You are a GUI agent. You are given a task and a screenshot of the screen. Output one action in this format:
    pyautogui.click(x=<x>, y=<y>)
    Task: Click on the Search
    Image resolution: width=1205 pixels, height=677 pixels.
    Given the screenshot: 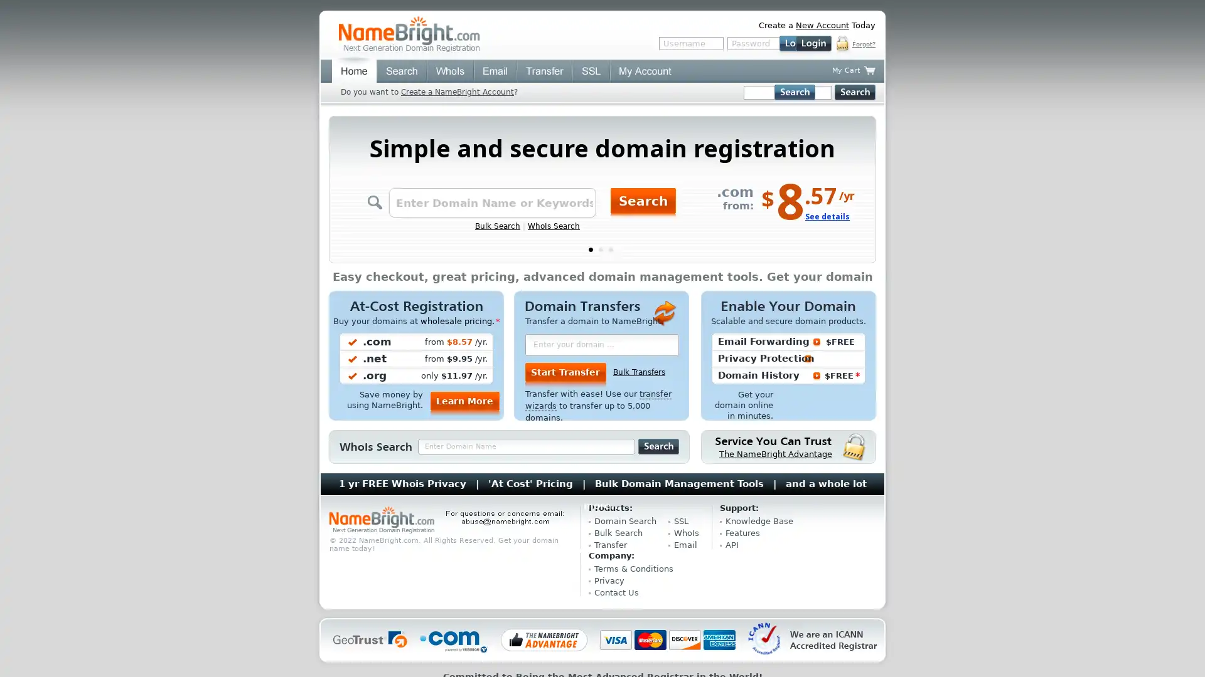 What is the action you would take?
    pyautogui.click(x=643, y=202)
    